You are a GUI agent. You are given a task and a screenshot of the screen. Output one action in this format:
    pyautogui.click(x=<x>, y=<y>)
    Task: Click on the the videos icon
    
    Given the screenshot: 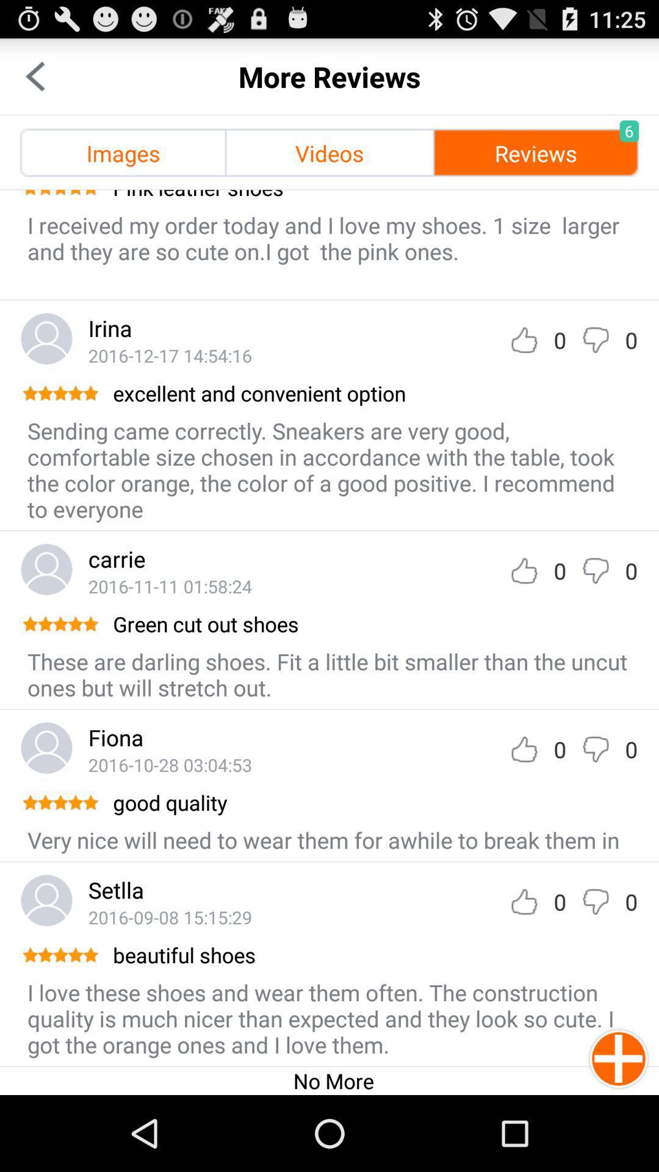 What is the action you would take?
    pyautogui.click(x=329, y=152)
    